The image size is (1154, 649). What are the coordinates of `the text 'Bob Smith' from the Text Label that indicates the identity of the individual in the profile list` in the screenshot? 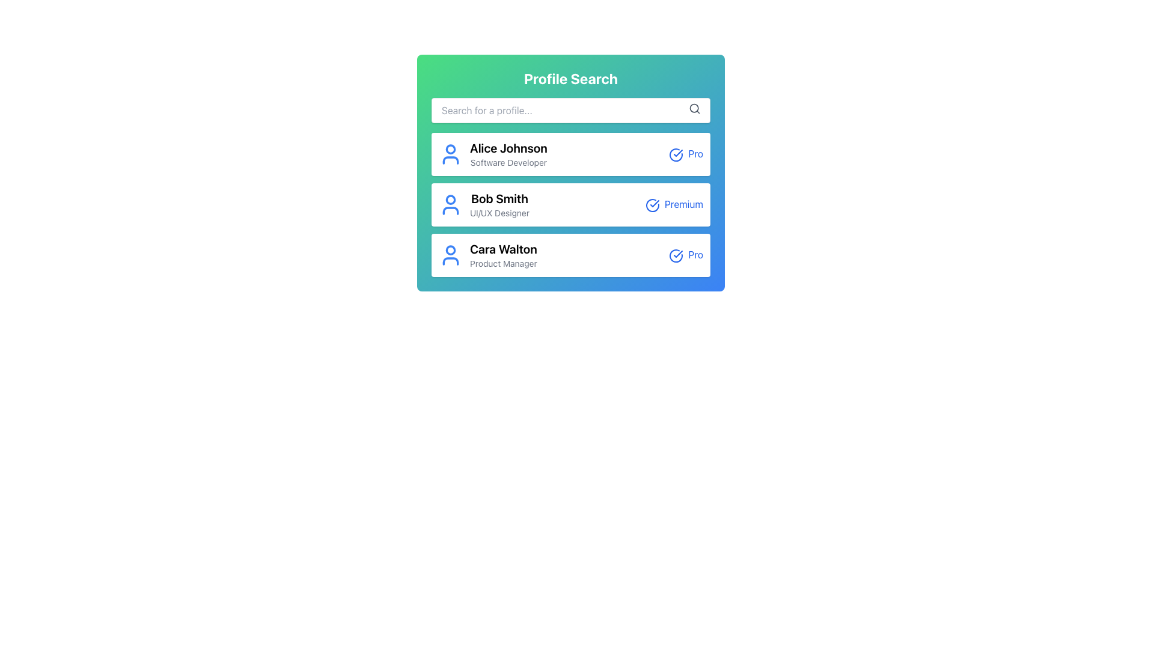 It's located at (499, 198).